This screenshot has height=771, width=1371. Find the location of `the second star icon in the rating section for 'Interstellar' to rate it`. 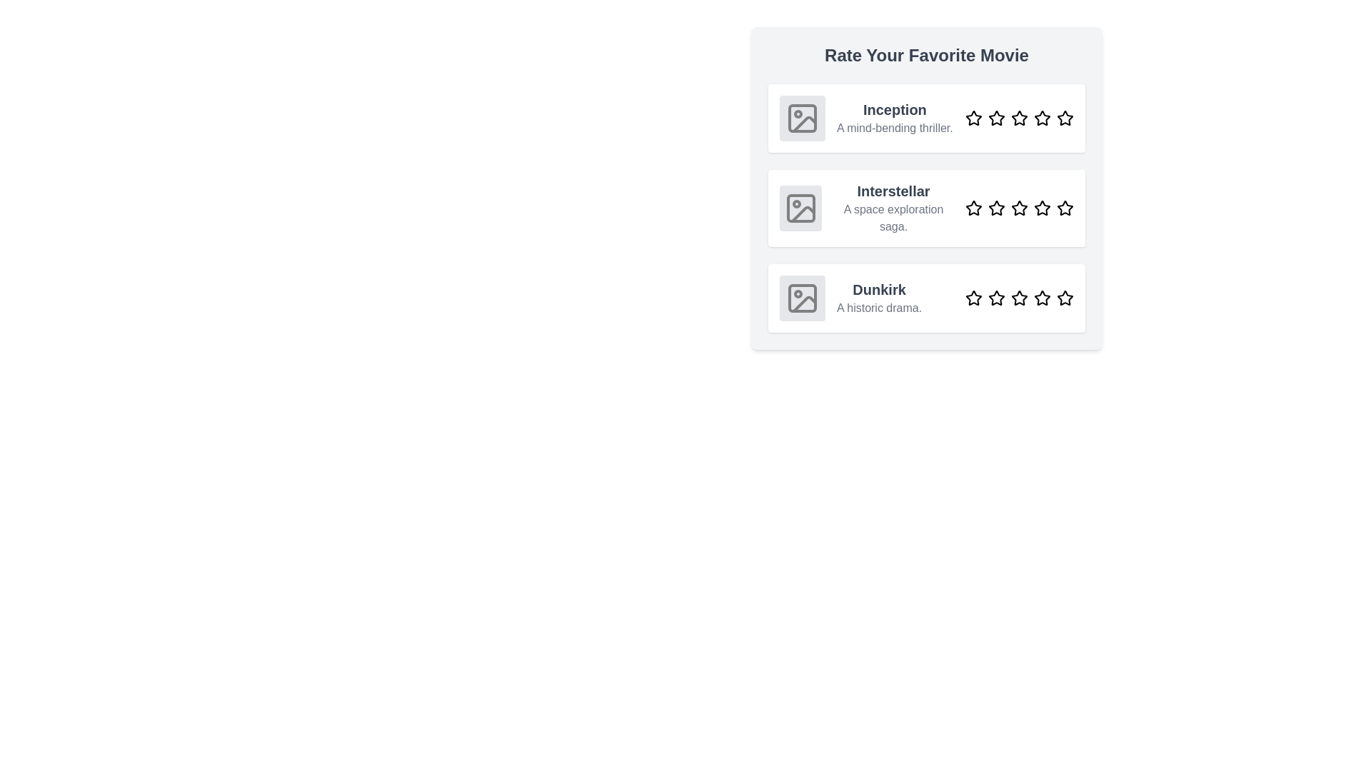

the second star icon in the rating section for 'Interstellar' to rate it is located at coordinates (996, 208).